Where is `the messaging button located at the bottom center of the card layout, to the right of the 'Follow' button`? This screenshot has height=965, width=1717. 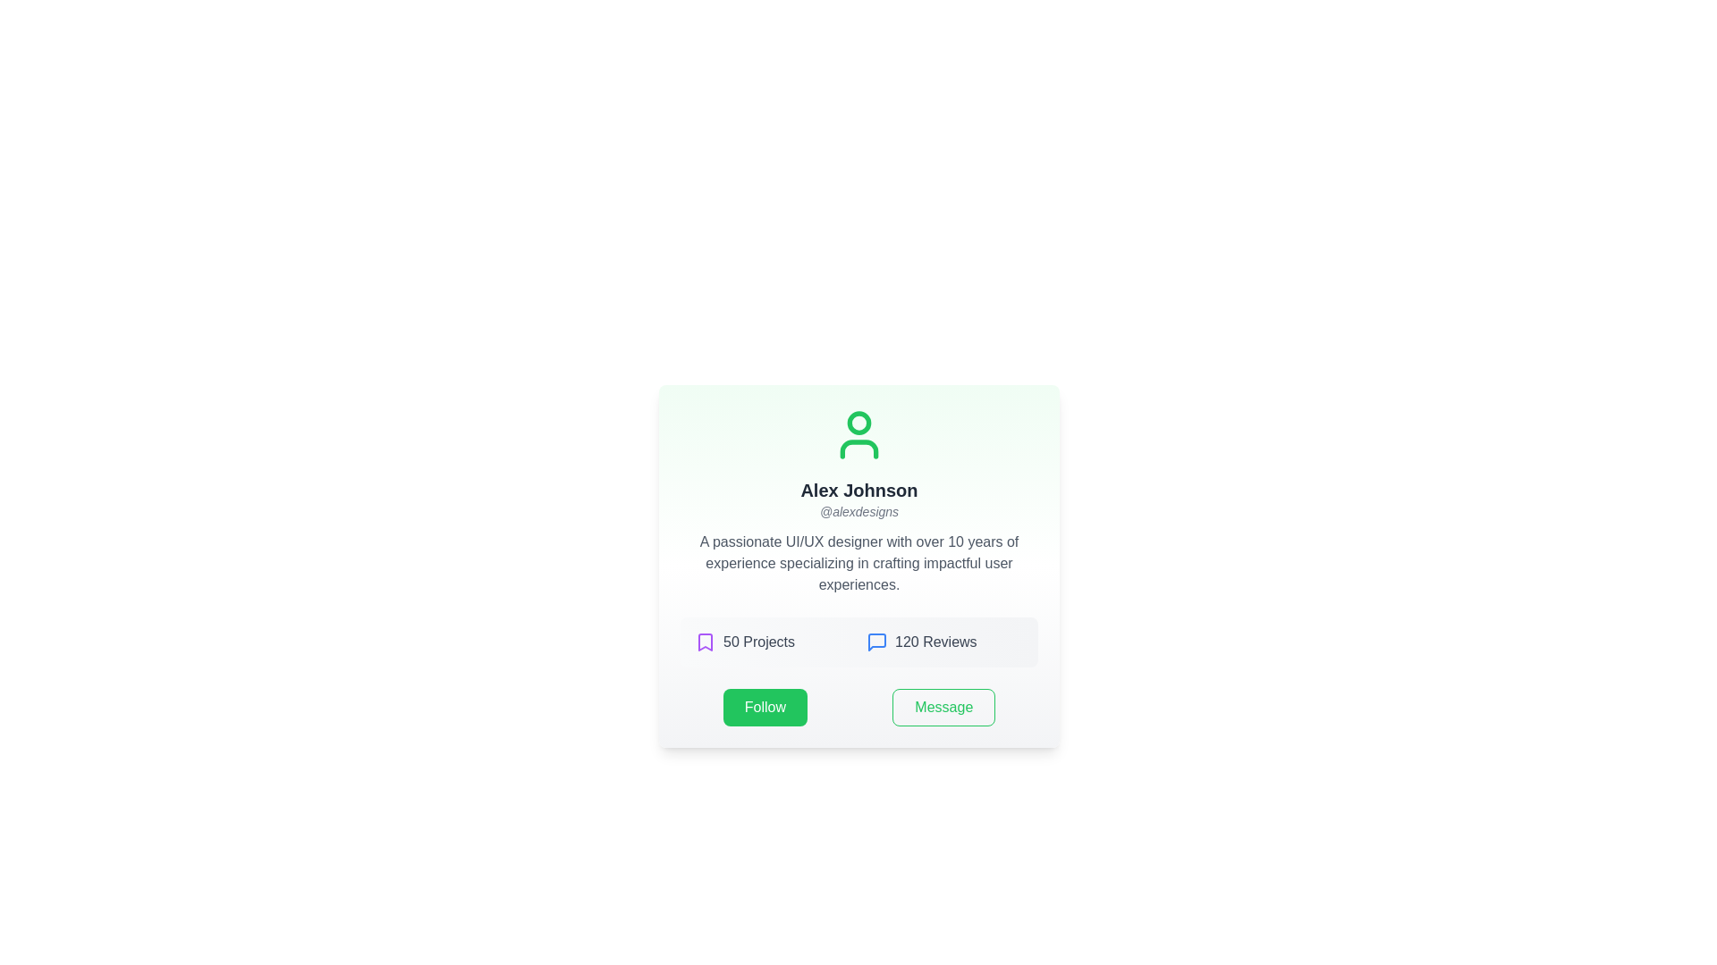
the messaging button located at the bottom center of the card layout, to the right of the 'Follow' button is located at coordinates (943, 706).